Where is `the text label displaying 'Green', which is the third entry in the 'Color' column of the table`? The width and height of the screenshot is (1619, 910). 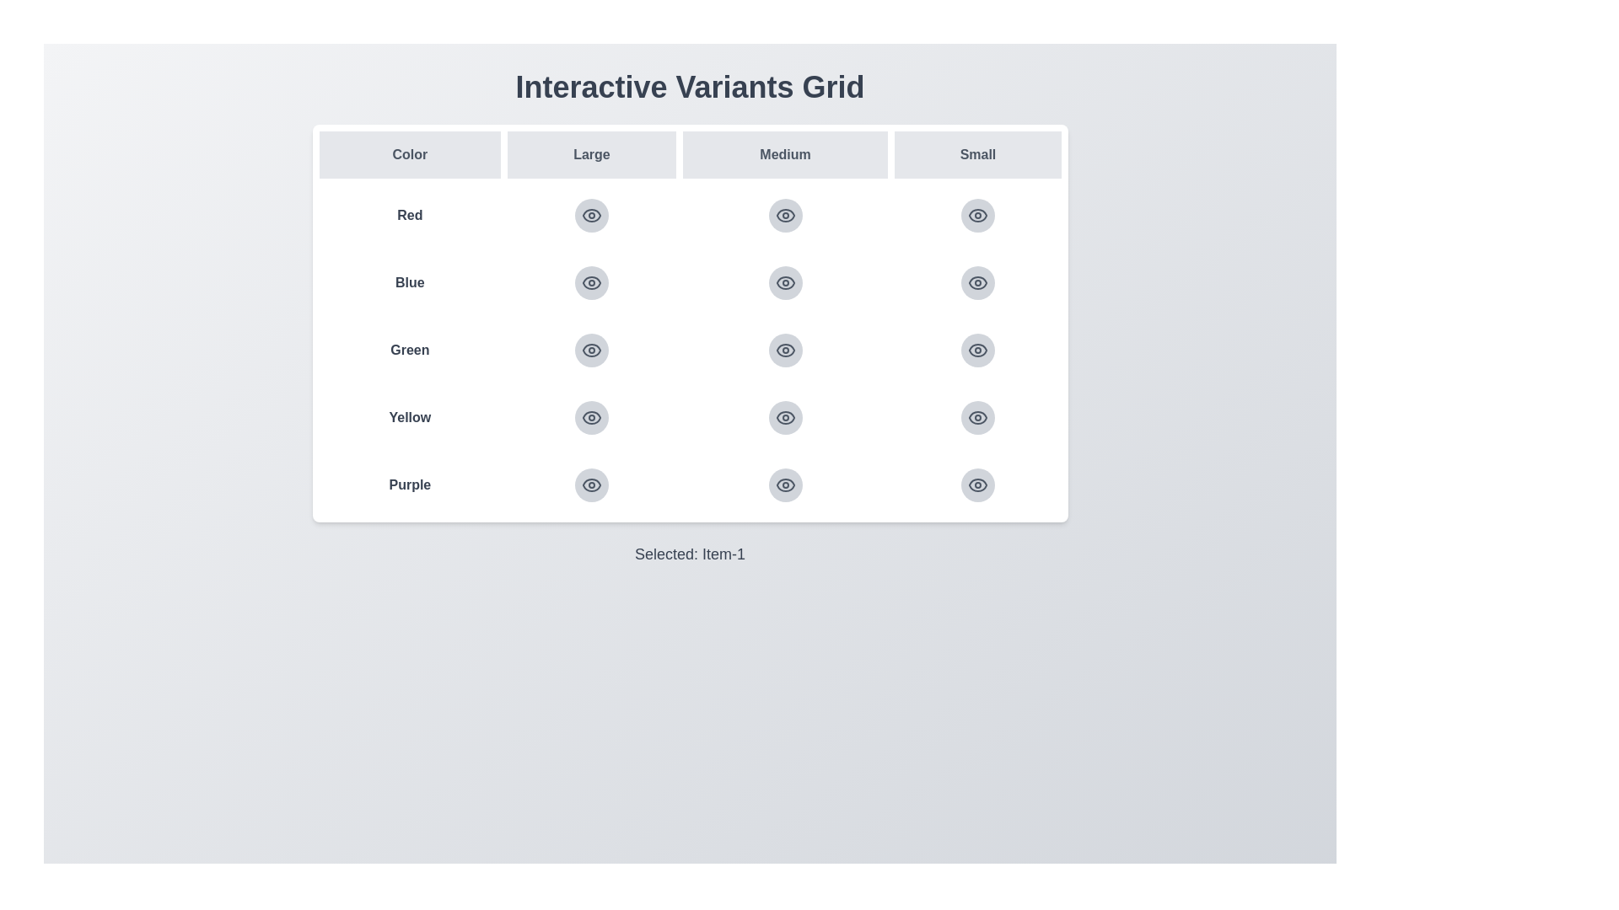
the text label displaying 'Green', which is the third entry in the 'Color' column of the table is located at coordinates (410, 350).